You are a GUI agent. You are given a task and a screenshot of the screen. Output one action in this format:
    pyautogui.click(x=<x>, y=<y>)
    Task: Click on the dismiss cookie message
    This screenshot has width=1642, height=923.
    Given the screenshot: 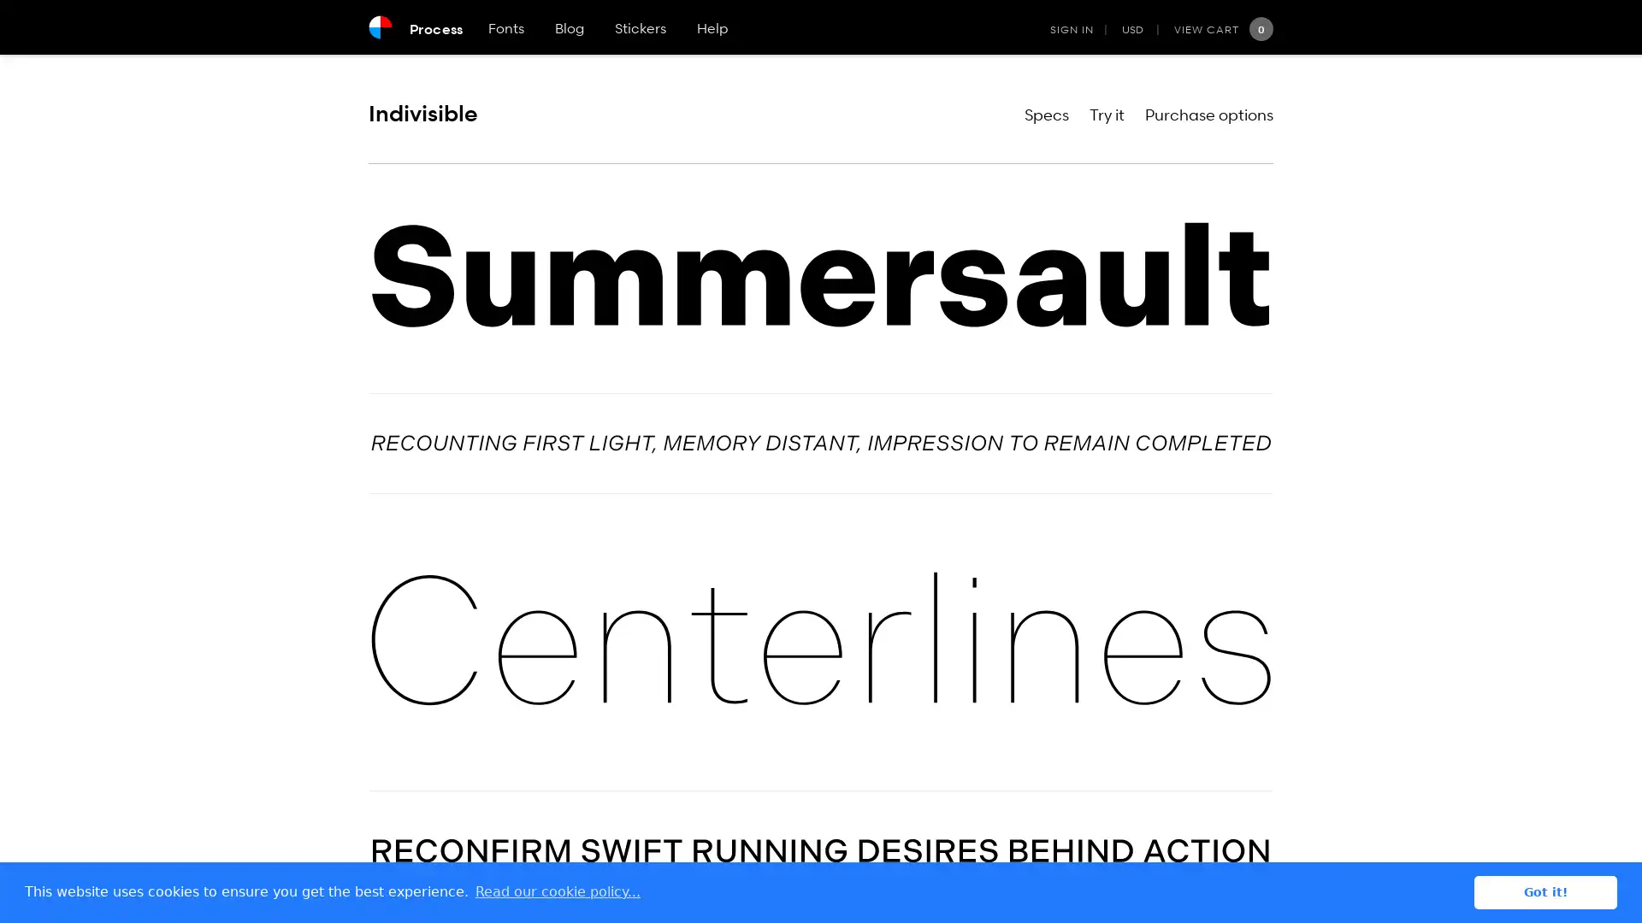 What is the action you would take?
    pyautogui.click(x=1545, y=891)
    